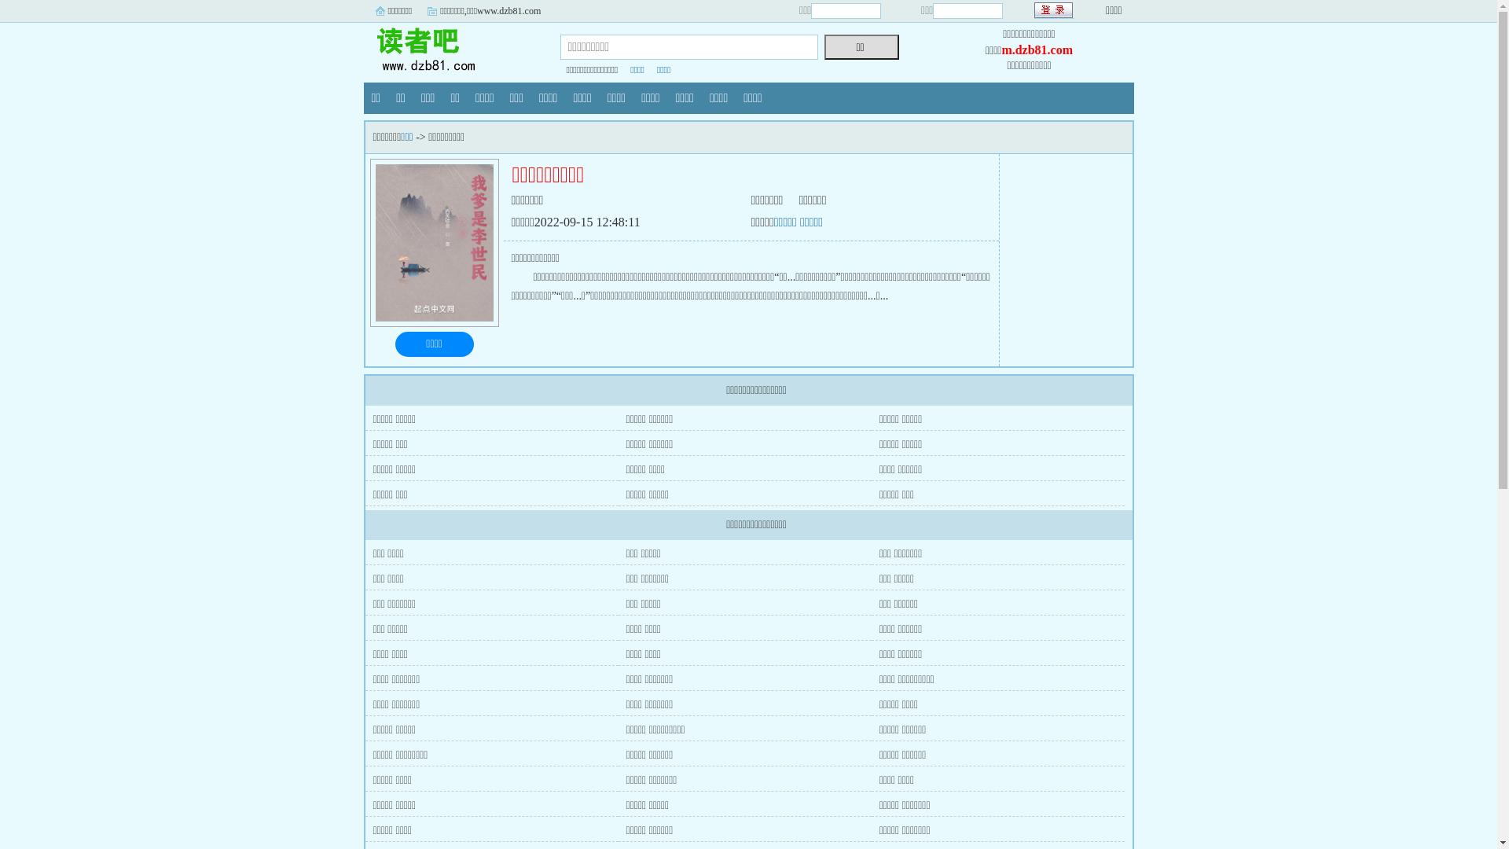 The width and height of the screenshot is (1509, 849). What do you see at coordinates (1037, 49) in the screenshot?
I see `'m.dzb81.com'` at bounding box center [1037, 49].